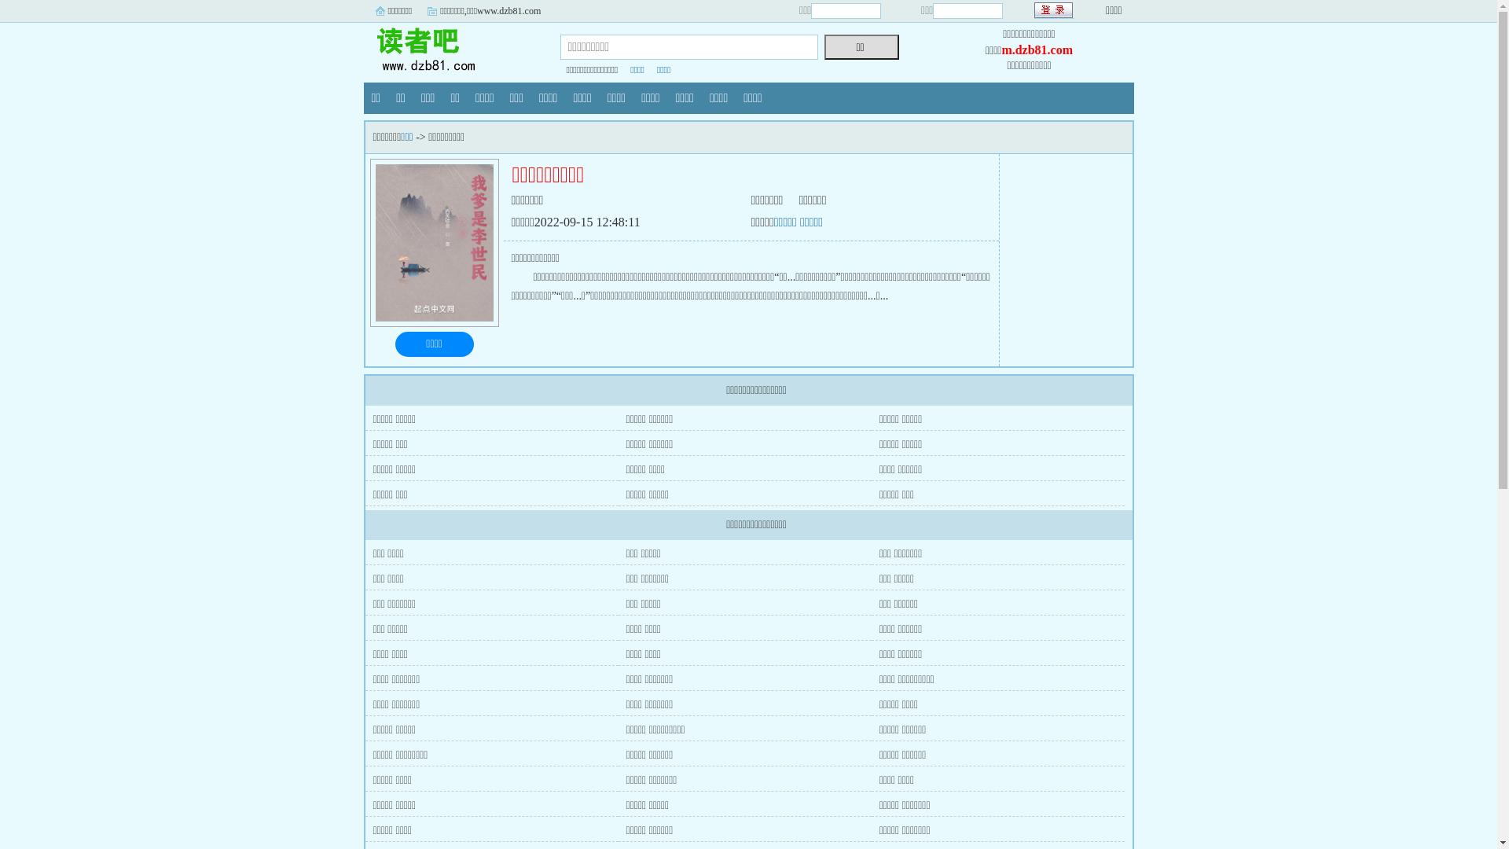 The width and height of the screenshot is (1509, 849). What do you see at coordinates (1037, 49) in the screenshot?
I see `'m.dzb81.com'` at bounding box center [1037, 49].